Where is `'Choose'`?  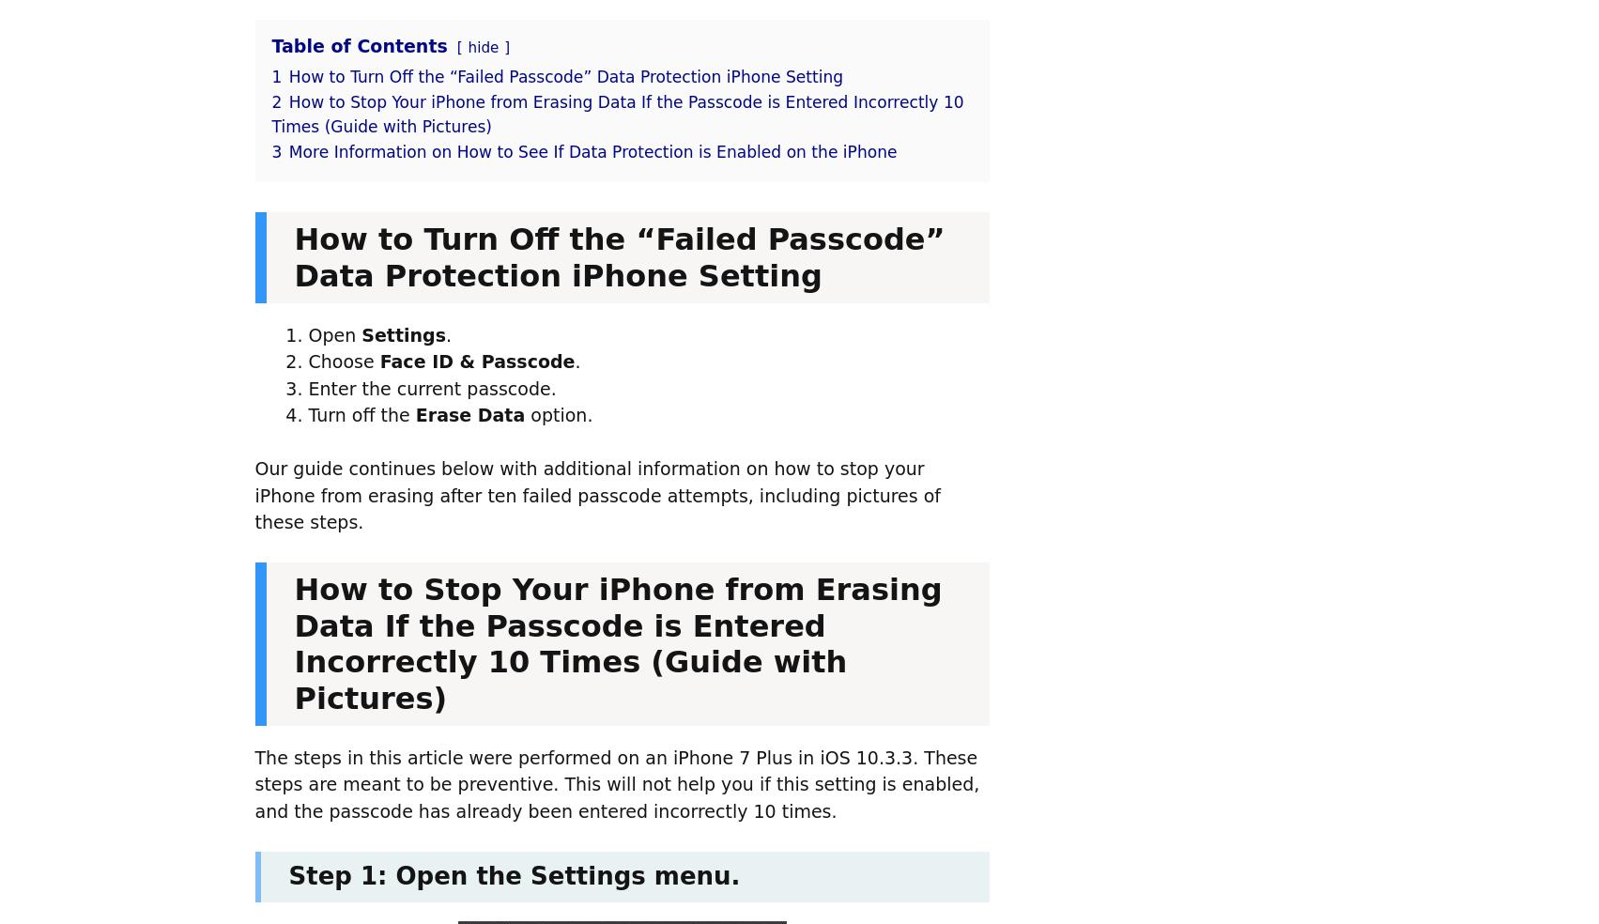 'Choose' is located at coordinates (343, 362).